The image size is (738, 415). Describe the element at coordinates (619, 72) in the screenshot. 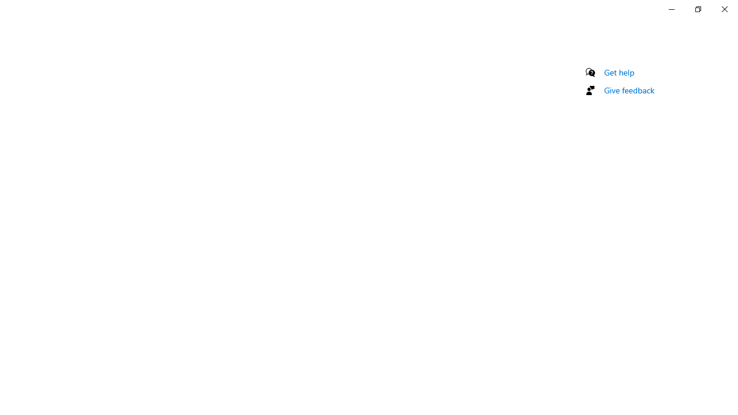

I see `'Get help'` at that location.